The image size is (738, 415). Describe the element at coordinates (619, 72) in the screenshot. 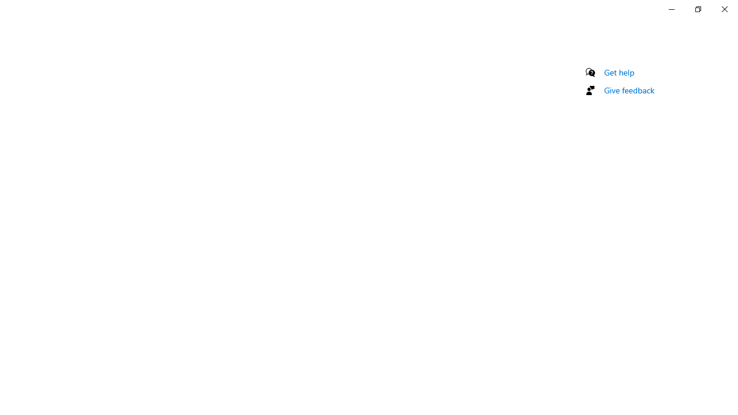

I see `'Get help'` at that location.